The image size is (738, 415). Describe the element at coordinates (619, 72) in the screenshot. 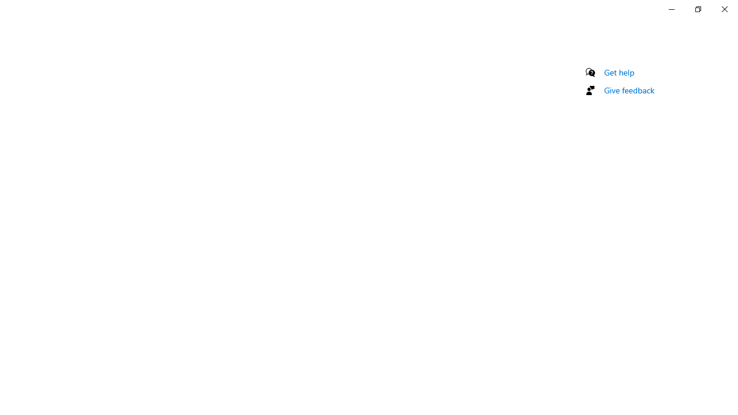

I see `'Get help'` at that location.